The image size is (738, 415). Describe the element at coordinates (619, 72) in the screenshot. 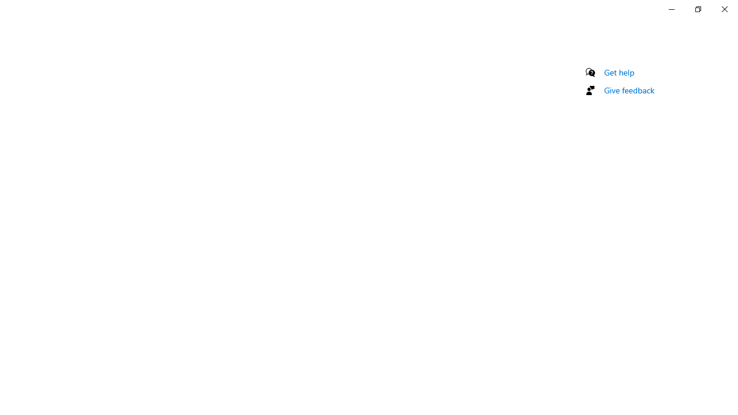

I see `'Get help'` at that location.